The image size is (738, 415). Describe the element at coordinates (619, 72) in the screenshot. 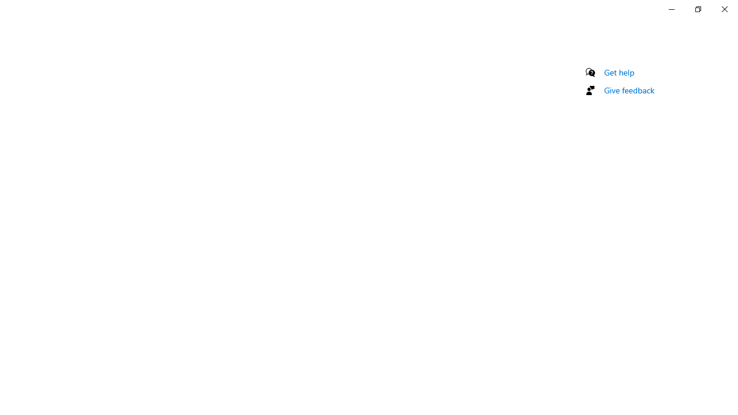

I see `'Get help'` at that location.